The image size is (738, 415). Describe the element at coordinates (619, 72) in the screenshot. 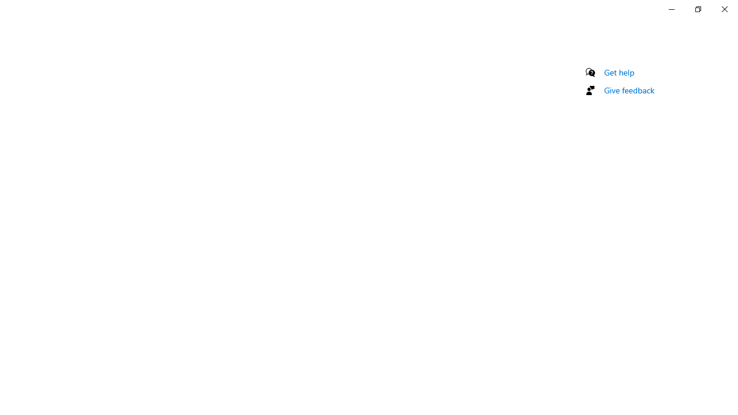

I see `'Get help'` at that location.